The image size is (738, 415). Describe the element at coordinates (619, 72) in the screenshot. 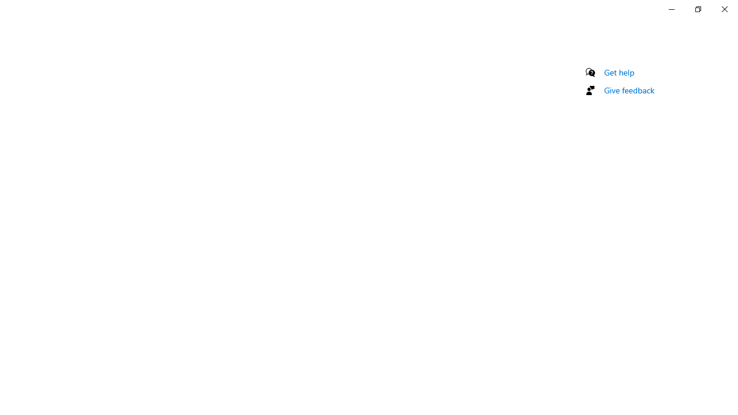

I see `'Get help'` at that location.